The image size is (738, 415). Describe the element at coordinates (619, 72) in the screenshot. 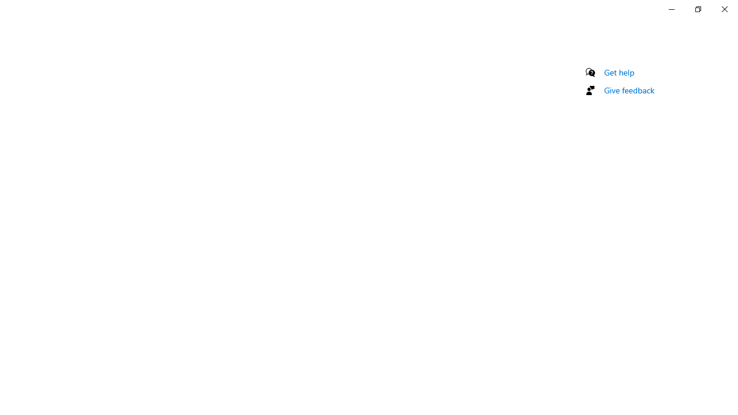

I see `'Get help'` at that location.